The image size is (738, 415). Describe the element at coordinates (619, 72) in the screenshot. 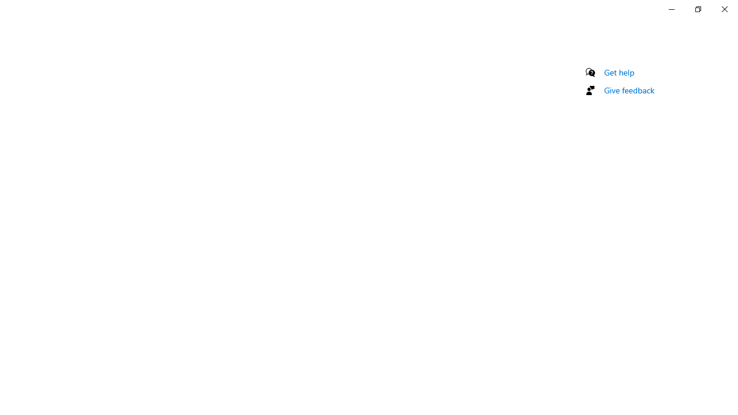

I see `'Get help'` at that location.